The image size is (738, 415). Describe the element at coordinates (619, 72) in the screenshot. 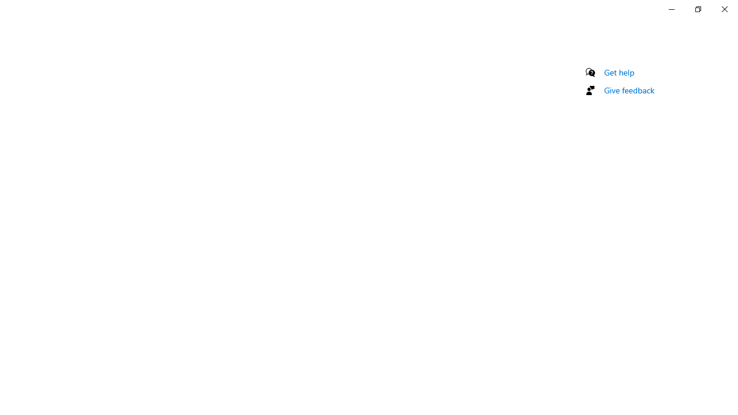

I see `'Get help'` at that location.